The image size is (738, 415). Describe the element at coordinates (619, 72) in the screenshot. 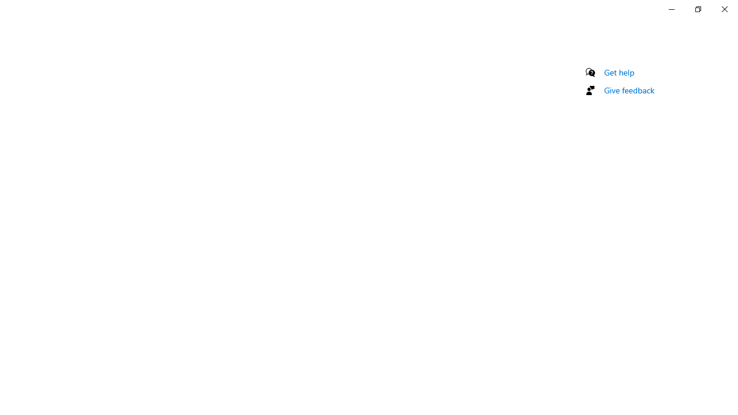

I see `'Get help'` at that location.